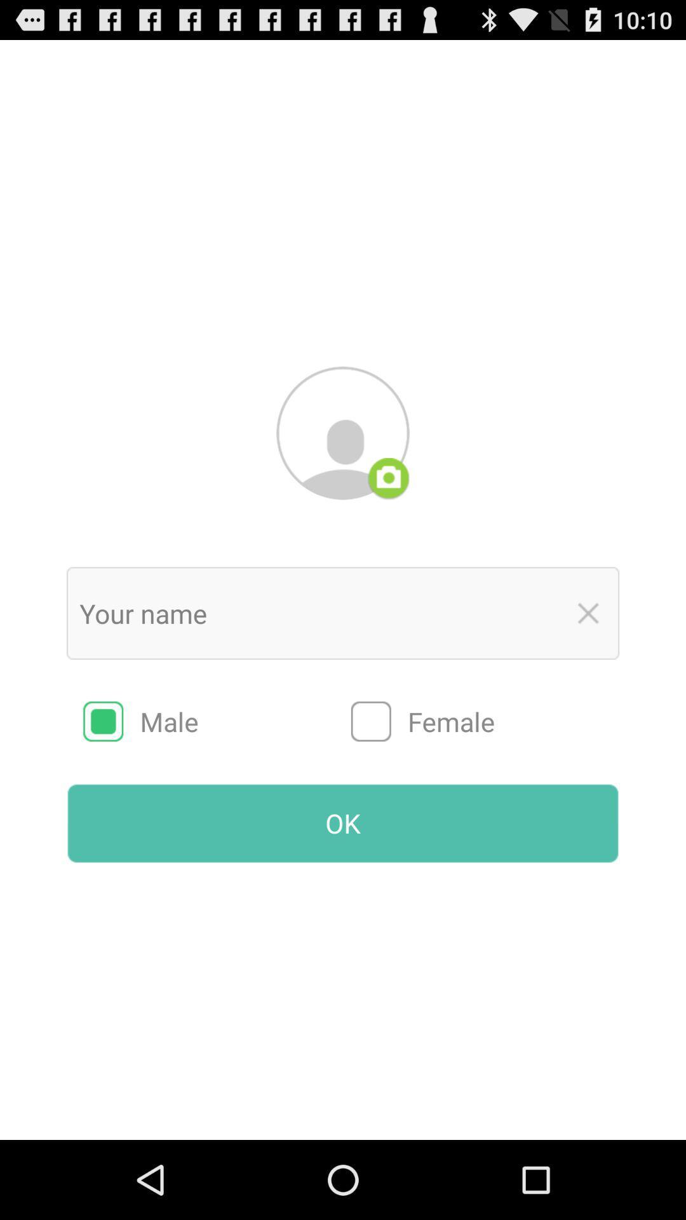 Image resolution: width=686 pixels, height=1220 pixels. I want to click on the avatar icon, so click(343, 463).